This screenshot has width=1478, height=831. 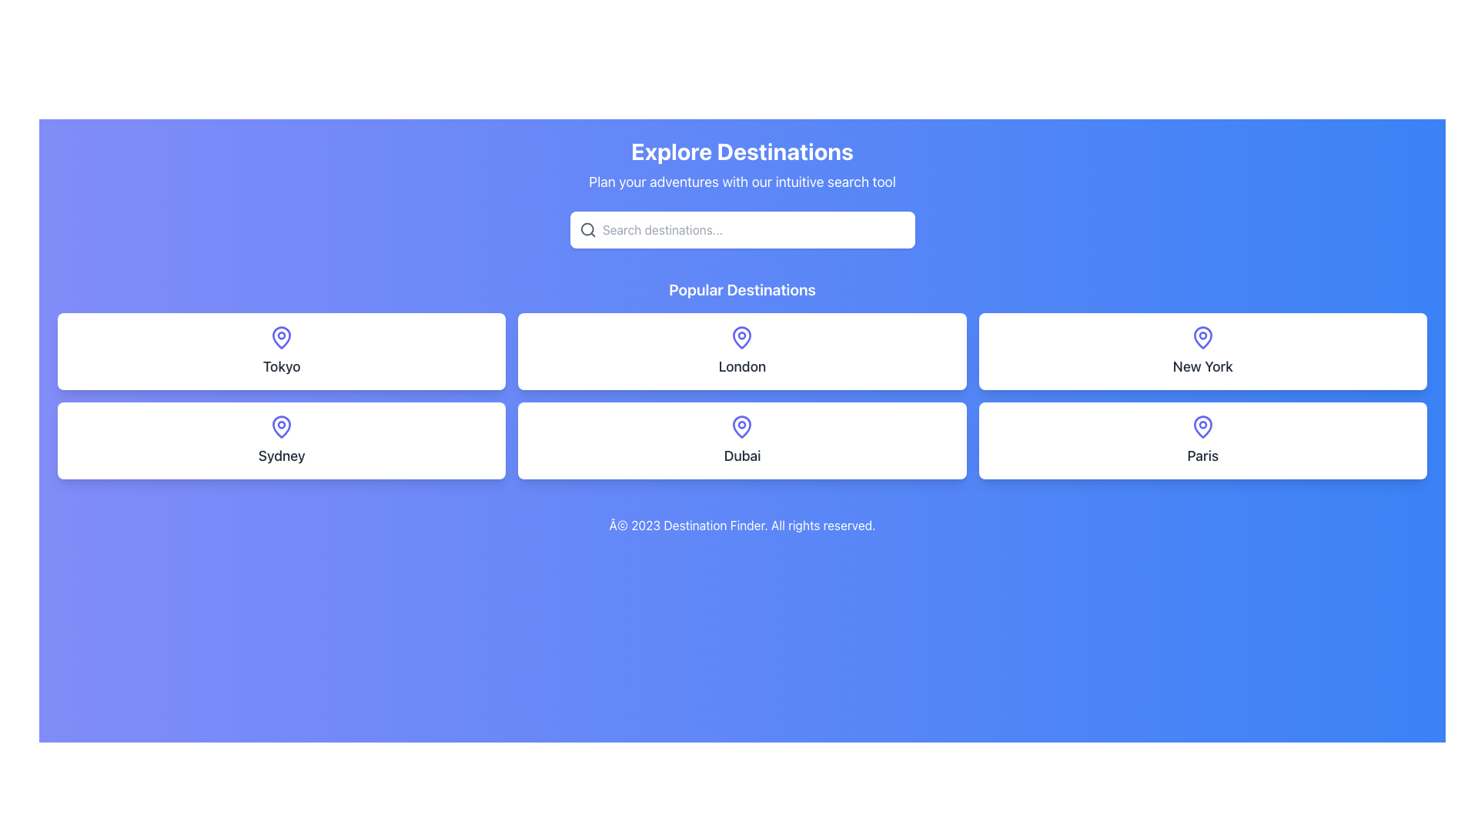 What do you see at coordinates (742, 427) in the screenshot?
I see `the icon representing the city 'Dubai' located at the top center of the card` at bounding box center [742, 427].